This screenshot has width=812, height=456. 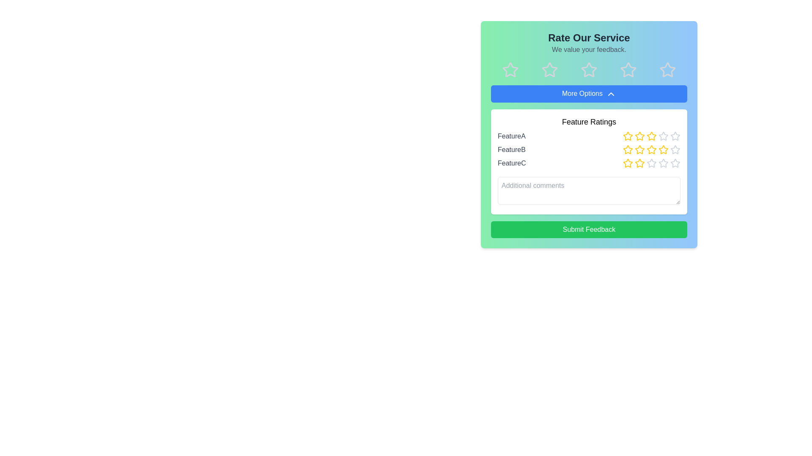 What do you see at coordinates (675, 149) in the screenshot?
I see `the 5th star-shaped Rating Star Icon, which is located to the right of the 'FeatureB' label in the 'Feature Ratings' section of the feedback form` at bounding box center [675, 149].